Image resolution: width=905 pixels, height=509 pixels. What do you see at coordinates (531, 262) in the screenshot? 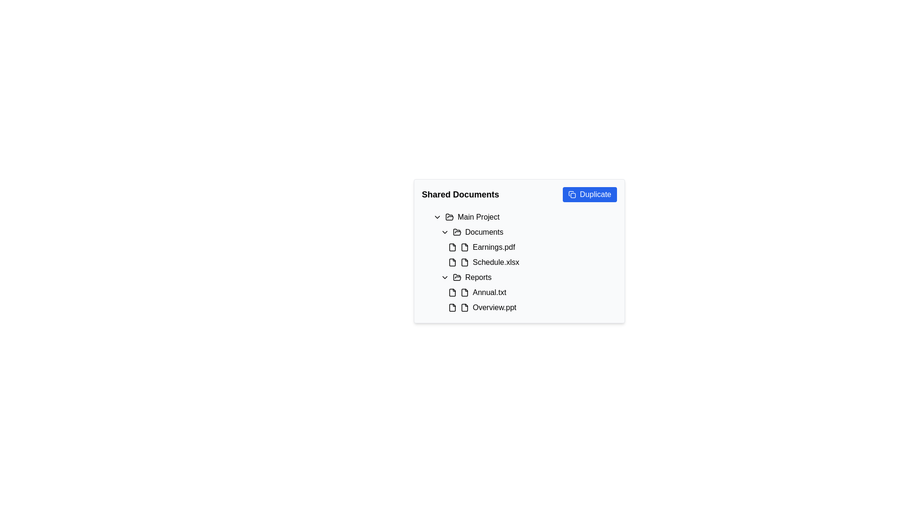
I see `the file display item labeled 'Schedule.xlsx' located in the 'Documents' group` at bounding box center [531, 262].